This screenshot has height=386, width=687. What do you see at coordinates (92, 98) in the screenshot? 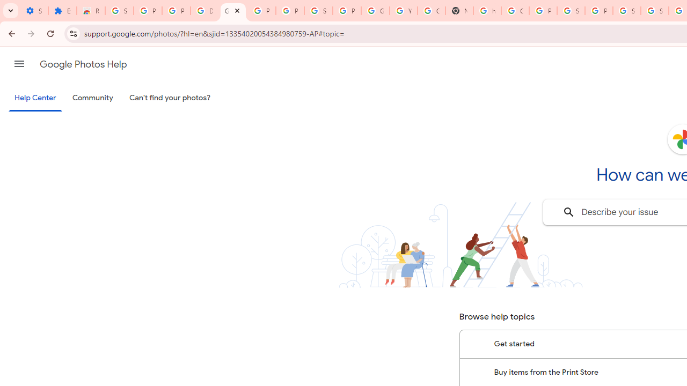
I see `'Community'` at bounding box center [92, 98].